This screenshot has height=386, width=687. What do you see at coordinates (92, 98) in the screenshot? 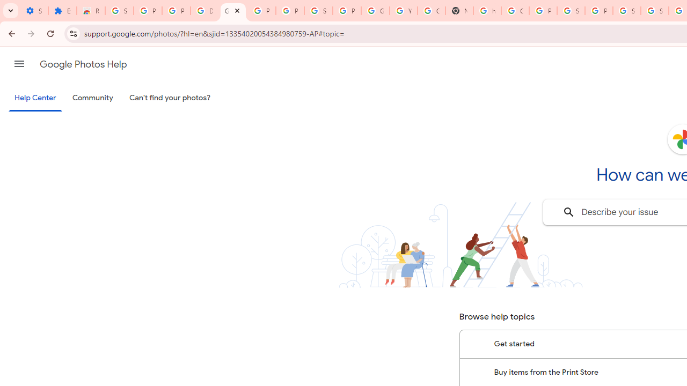
I see `'Community'` at bounding box center [92, 98].